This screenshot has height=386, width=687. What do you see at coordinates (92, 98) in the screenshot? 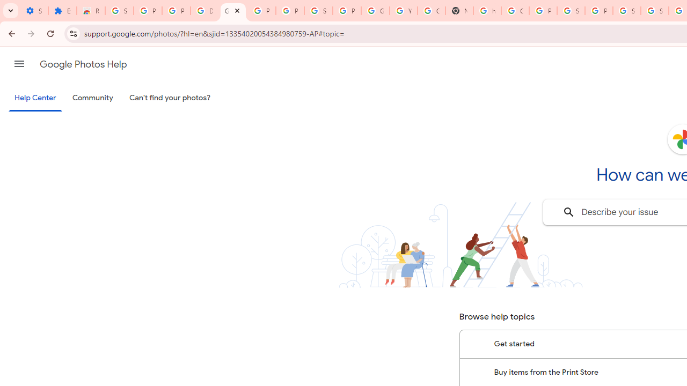
I see `'Community'` at bounding box center [92, 98].